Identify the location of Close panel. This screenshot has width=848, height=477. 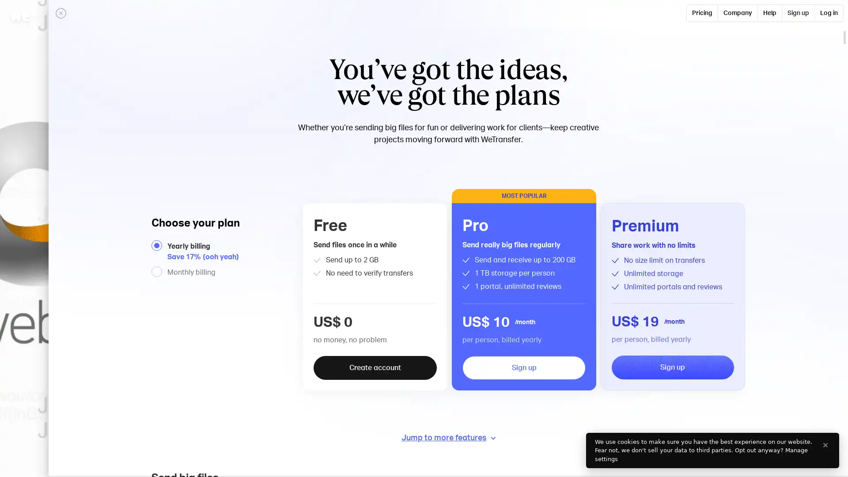
(61, 13).